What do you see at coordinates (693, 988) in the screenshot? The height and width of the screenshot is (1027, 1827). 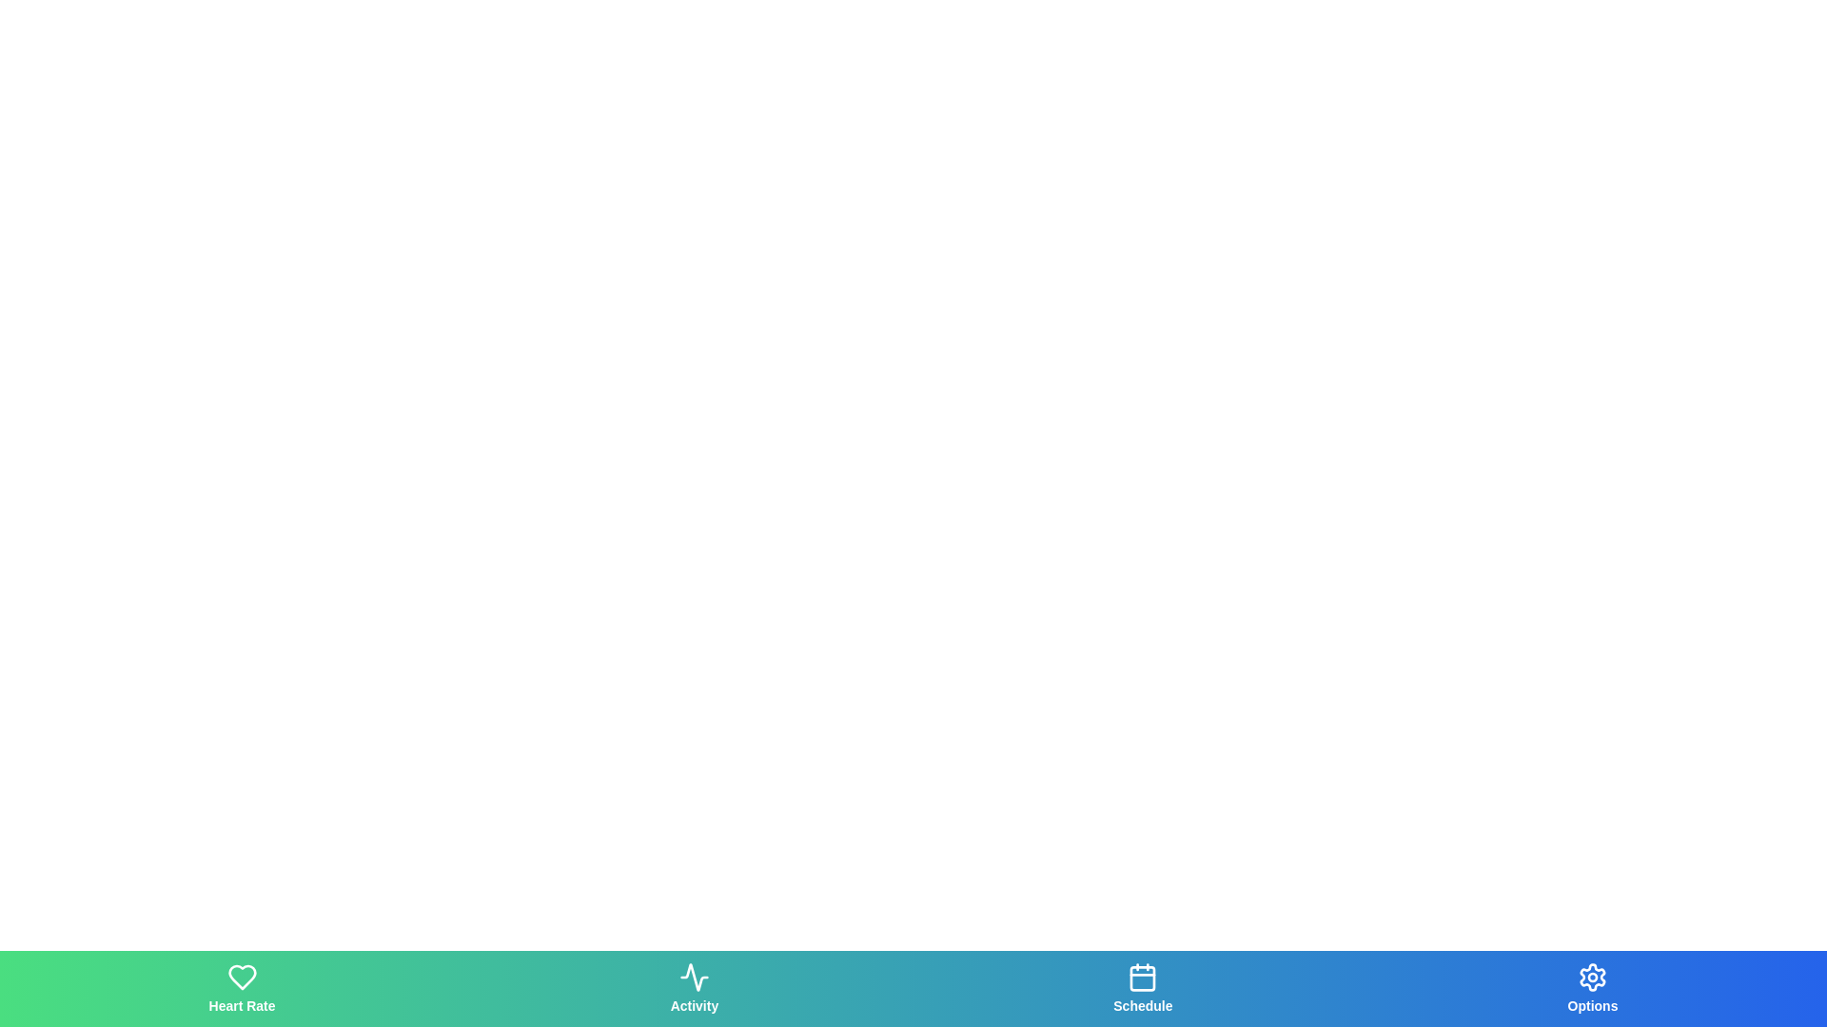 I see `the Activity tab to navigate` at bounding box center [693, 988].